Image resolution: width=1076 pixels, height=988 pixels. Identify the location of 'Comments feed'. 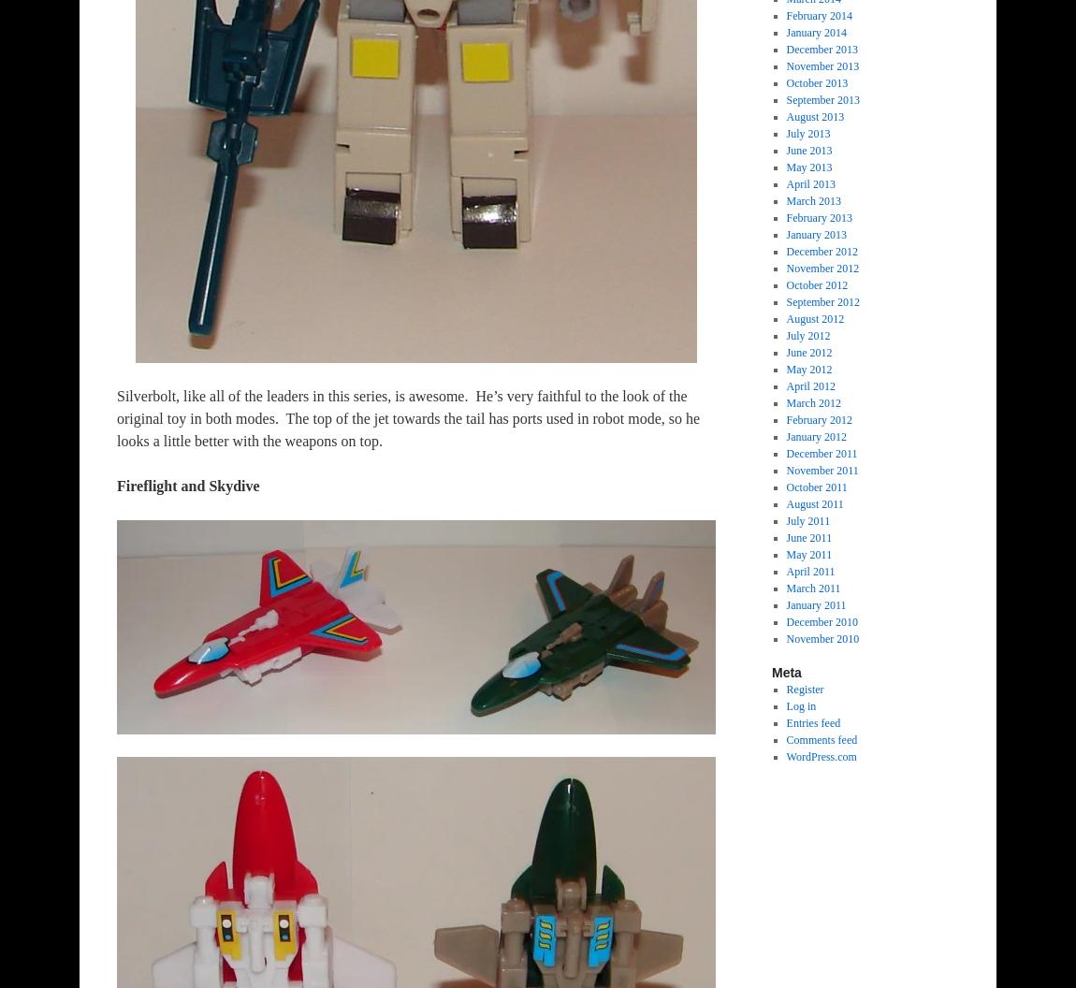
(822, 739).